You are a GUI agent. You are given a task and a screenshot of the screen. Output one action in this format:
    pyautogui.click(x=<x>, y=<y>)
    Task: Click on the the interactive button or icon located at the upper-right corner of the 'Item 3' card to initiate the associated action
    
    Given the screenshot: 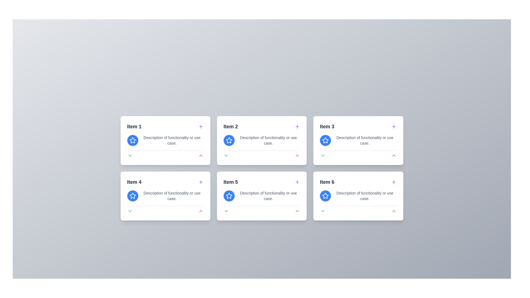 What is the action you would take?
    pyautogui.click(x=393, y=127)
    